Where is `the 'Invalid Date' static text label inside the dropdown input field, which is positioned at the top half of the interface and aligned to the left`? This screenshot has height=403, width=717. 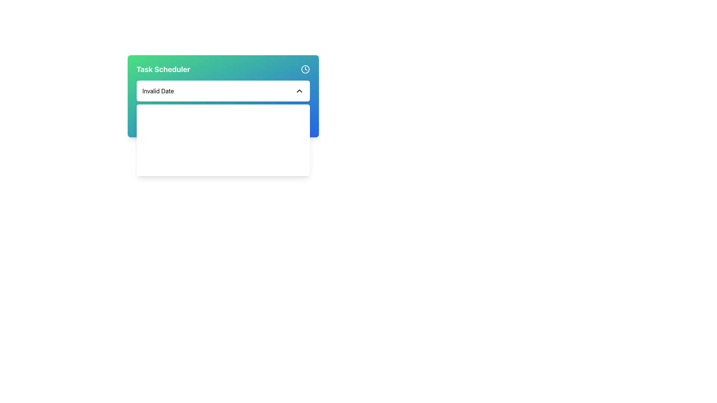
the 'Invalid Date' static text label inside the dropdown input field, which is positioned at the top half of the interface and aligned to the left is located at coordinates (158, 90).